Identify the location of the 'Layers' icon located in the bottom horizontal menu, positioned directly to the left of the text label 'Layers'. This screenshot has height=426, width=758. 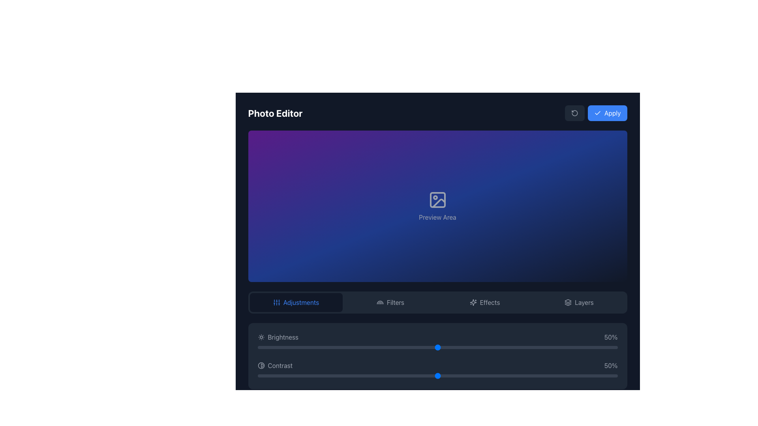
(568, 302).